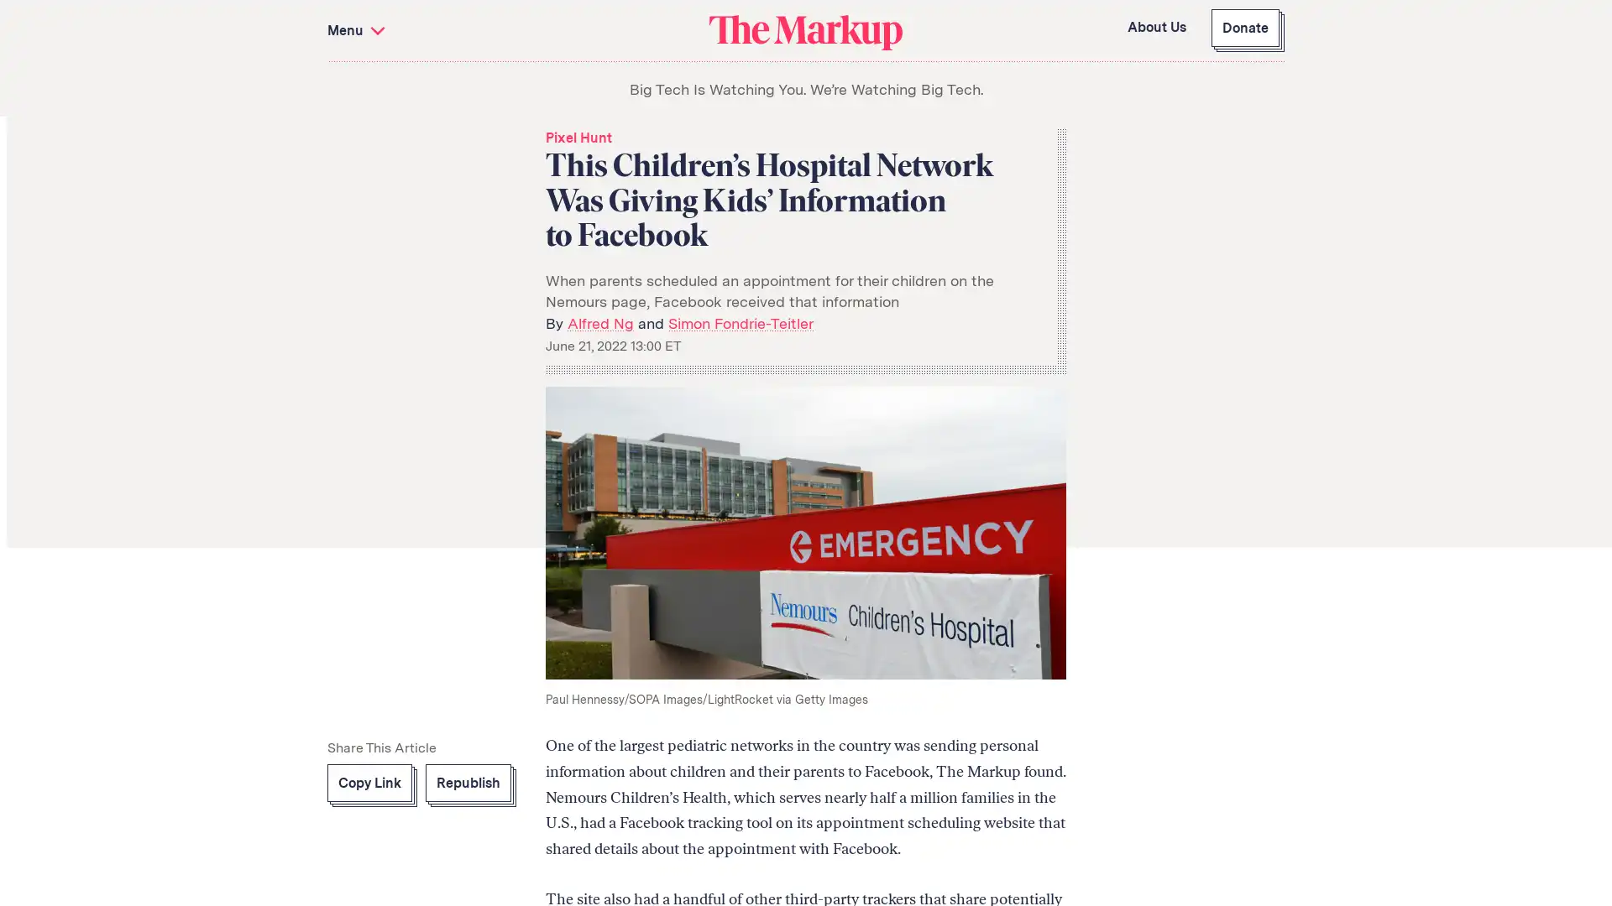 This screenshot has width=1612, height=906. Describe the element at coordinates (515, 30) in the screenshot. I see `Site menu` at that location.